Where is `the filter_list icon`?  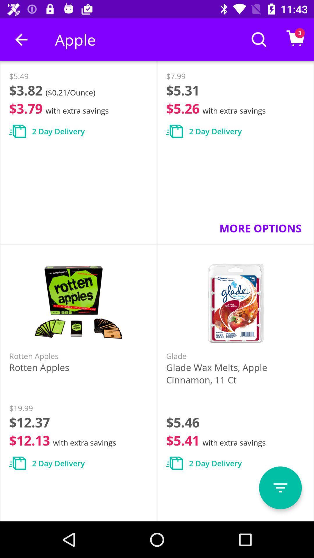 the filter_list icon is located at coordinates (280, 488).